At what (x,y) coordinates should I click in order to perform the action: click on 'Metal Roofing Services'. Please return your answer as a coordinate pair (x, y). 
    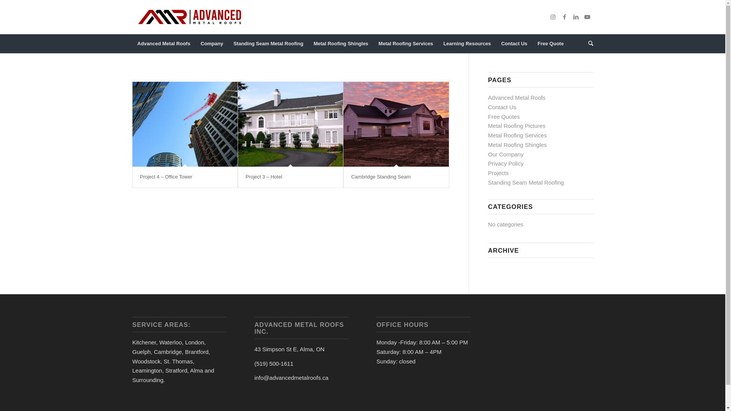
    Looking at the image, I should click on (488, 135).